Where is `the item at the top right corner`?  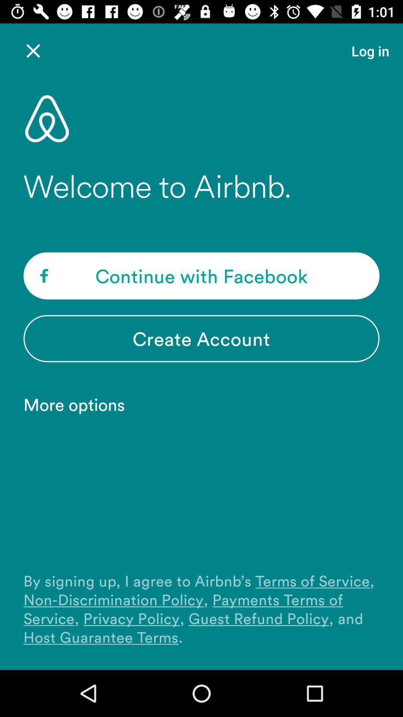
the item at the top right corner is located at coordinates (370, 50).